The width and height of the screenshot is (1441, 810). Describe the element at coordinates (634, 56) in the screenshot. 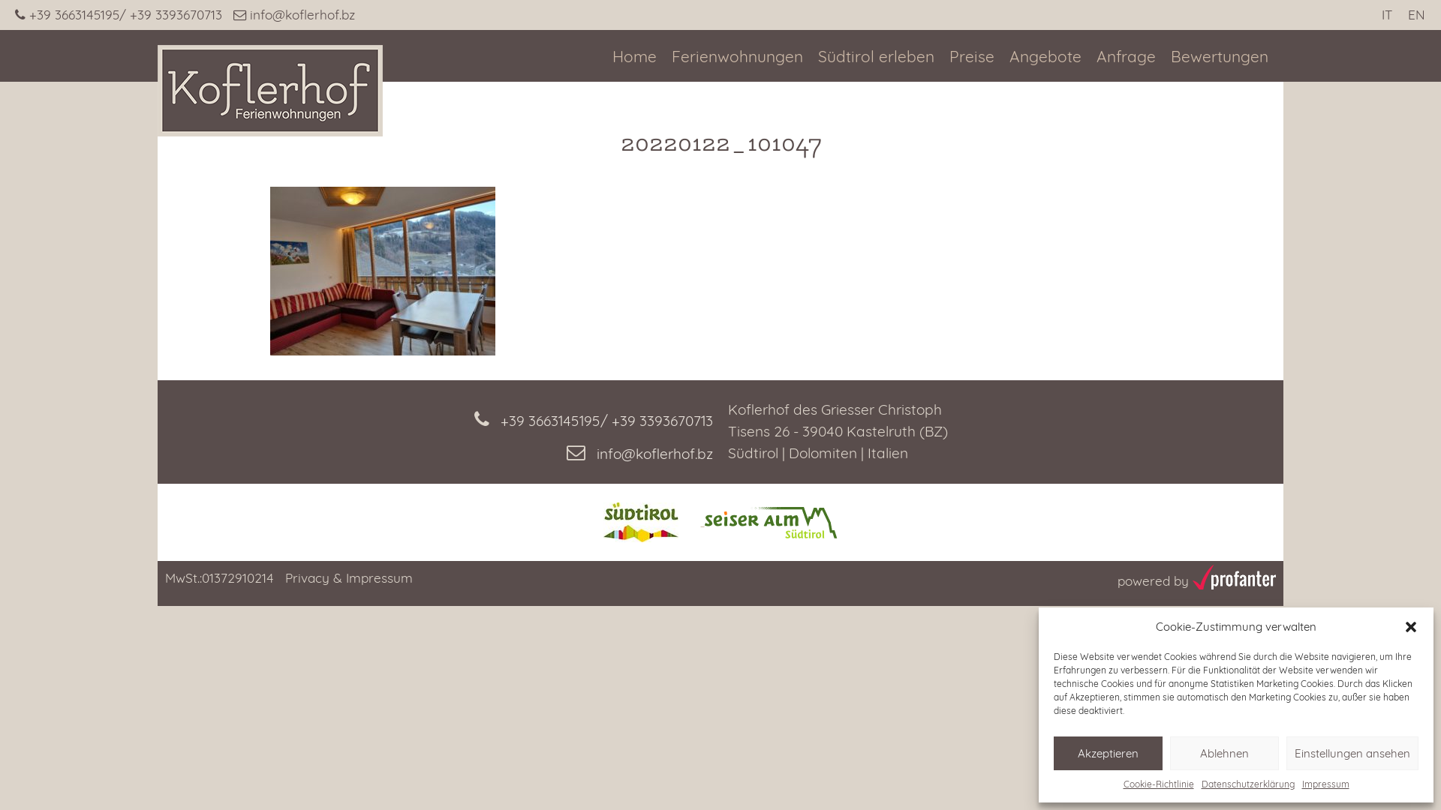

I see `'Home'` at that location.